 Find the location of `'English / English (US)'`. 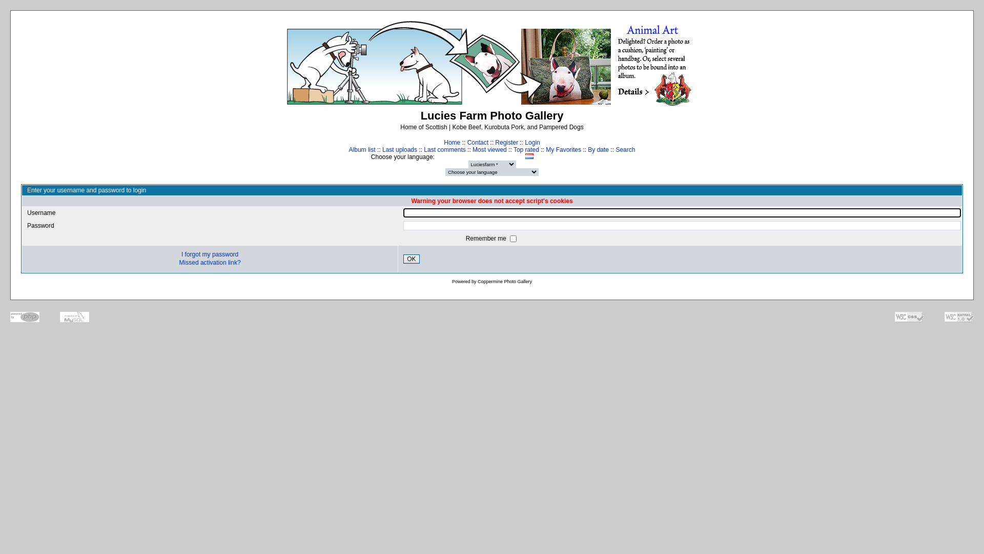

'English / English (US)' is located at coordinates (479, 156).